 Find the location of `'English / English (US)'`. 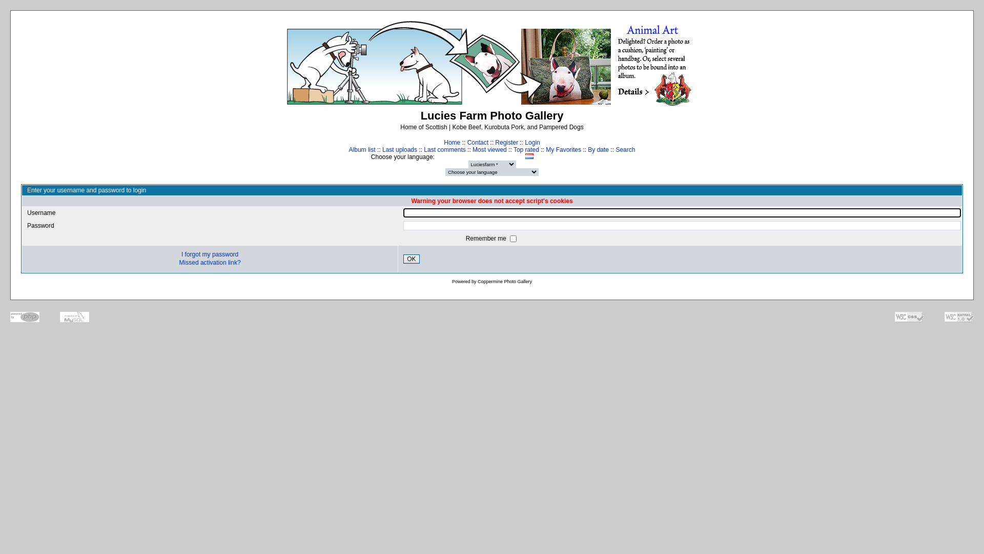

'English / English (US)' is located at coordinates (479, 156).